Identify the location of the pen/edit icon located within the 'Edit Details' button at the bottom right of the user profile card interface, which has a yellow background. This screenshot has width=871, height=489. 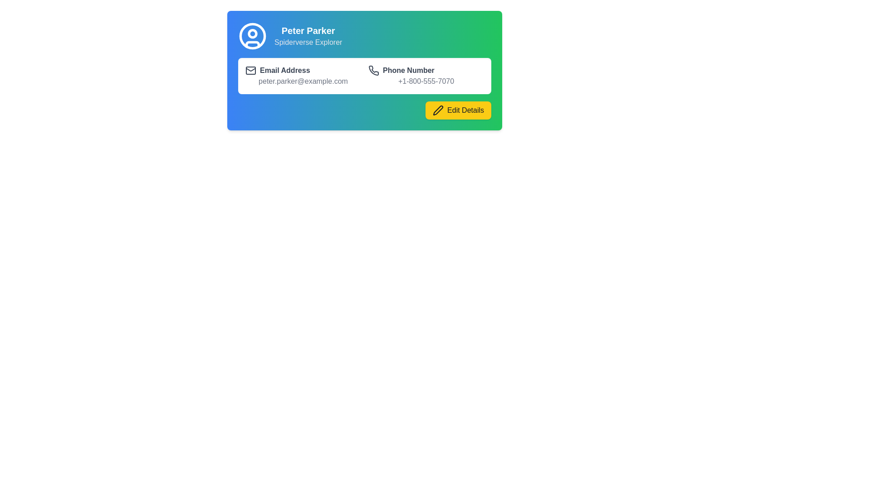
(438, 110).